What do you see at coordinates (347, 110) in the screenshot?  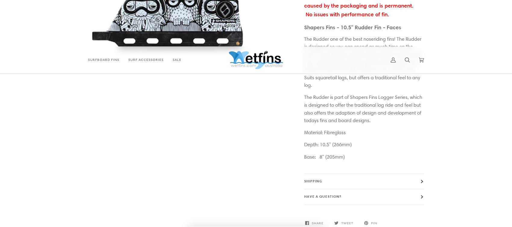 I see `'Returns'` at bounding box center [347, 110].